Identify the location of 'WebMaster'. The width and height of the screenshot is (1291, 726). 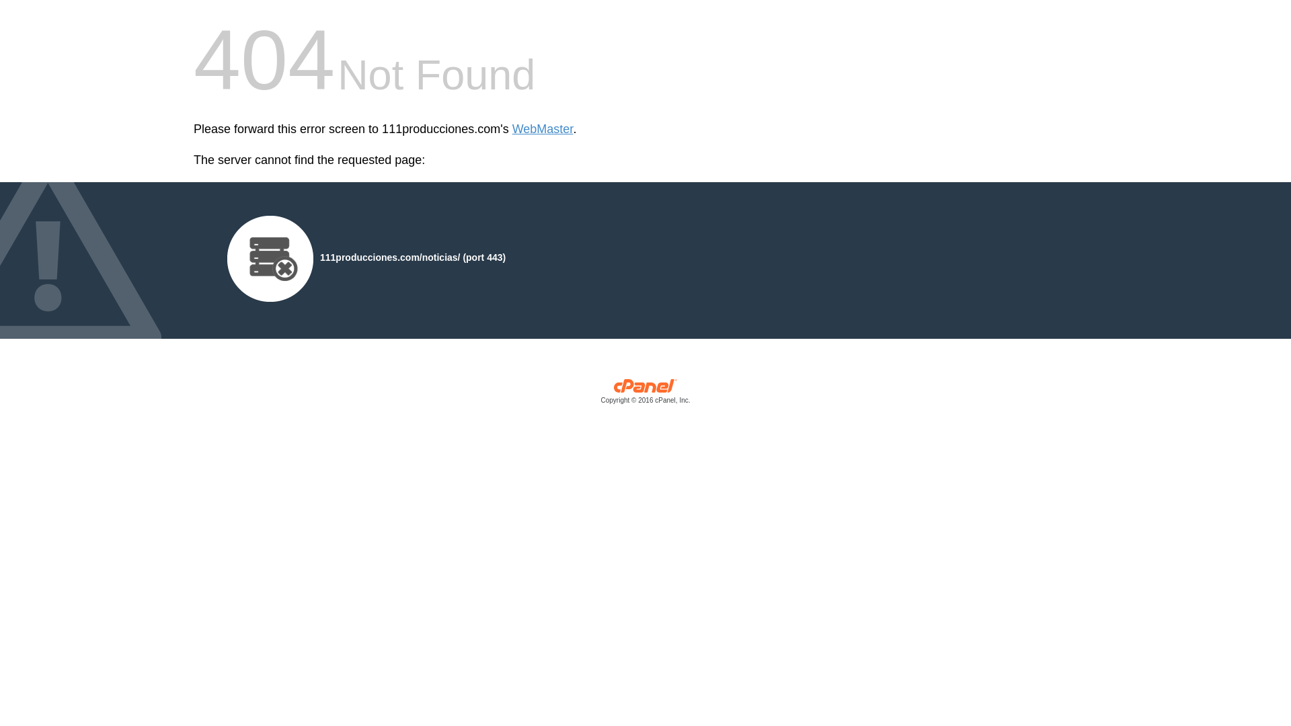
(512, 129).